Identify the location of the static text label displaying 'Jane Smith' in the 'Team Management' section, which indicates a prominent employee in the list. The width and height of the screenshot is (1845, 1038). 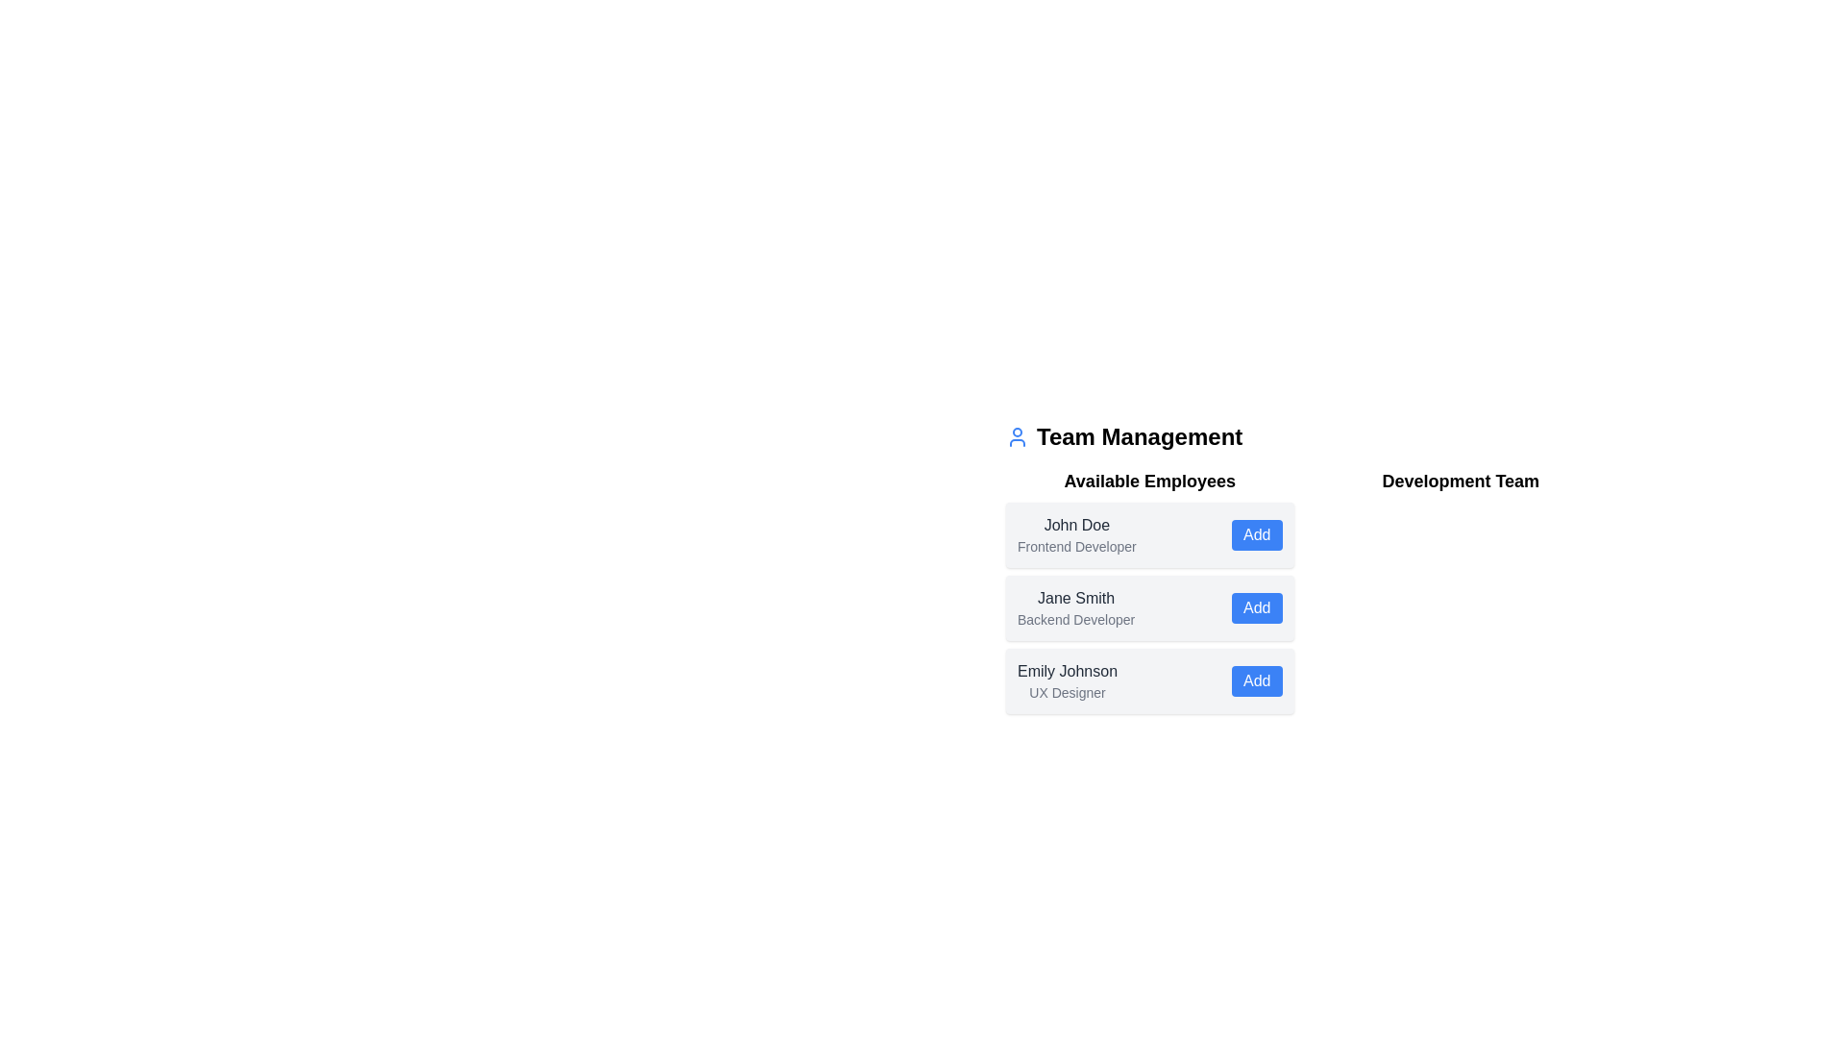
(1076, 598).